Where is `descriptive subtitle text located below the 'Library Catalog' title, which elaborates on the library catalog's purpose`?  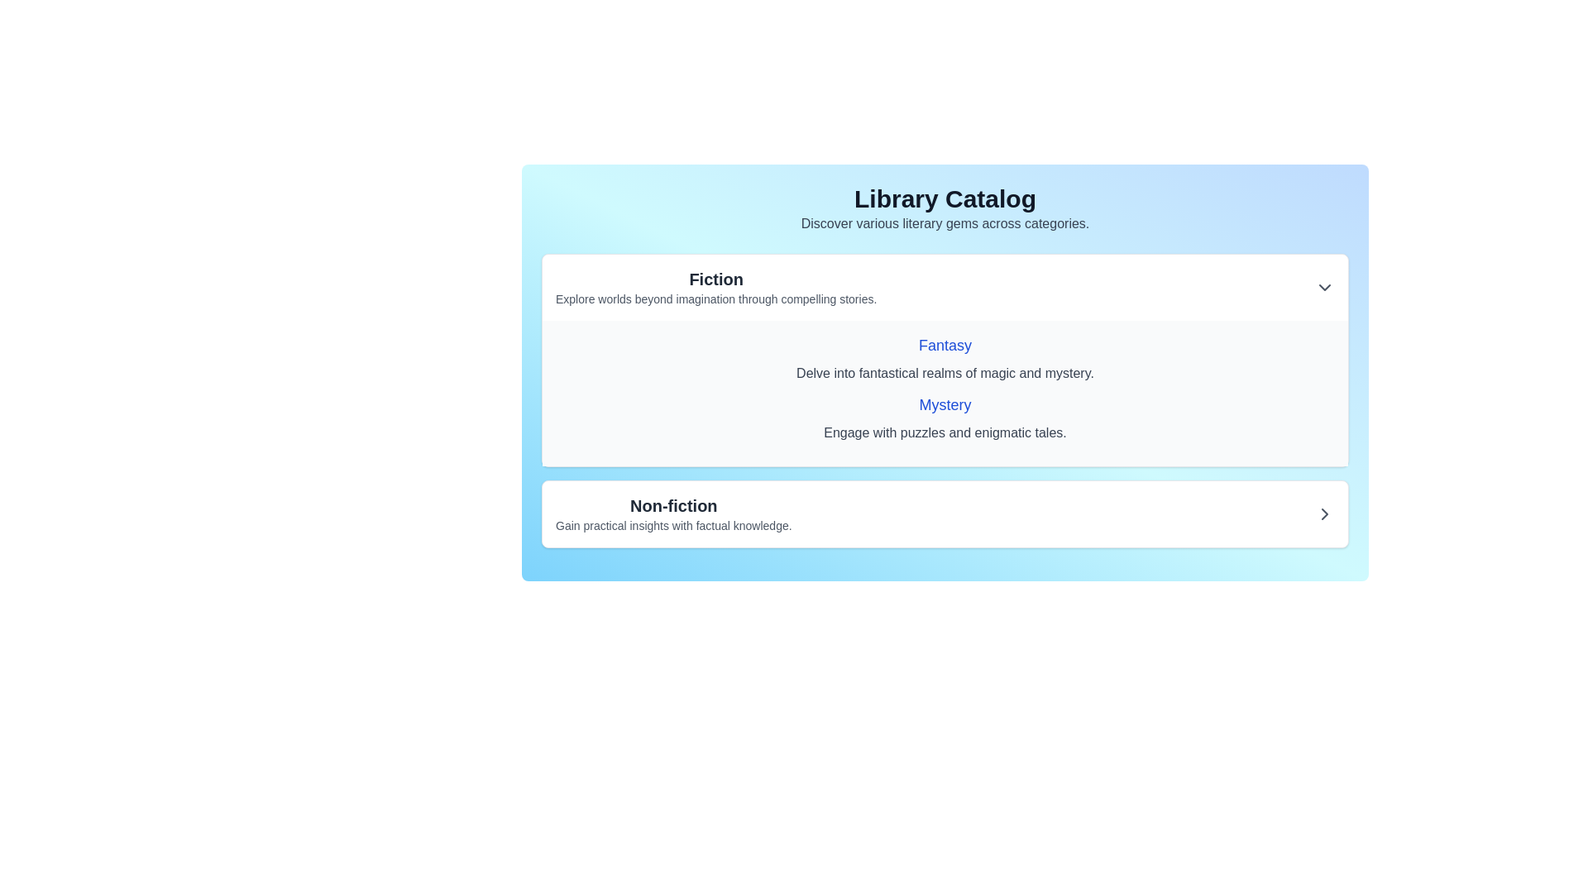
descriptive subtitle text located below the 'Library Catalog' title, which elaborates on the library catalog's purpose is located at coordinates (945, 223).